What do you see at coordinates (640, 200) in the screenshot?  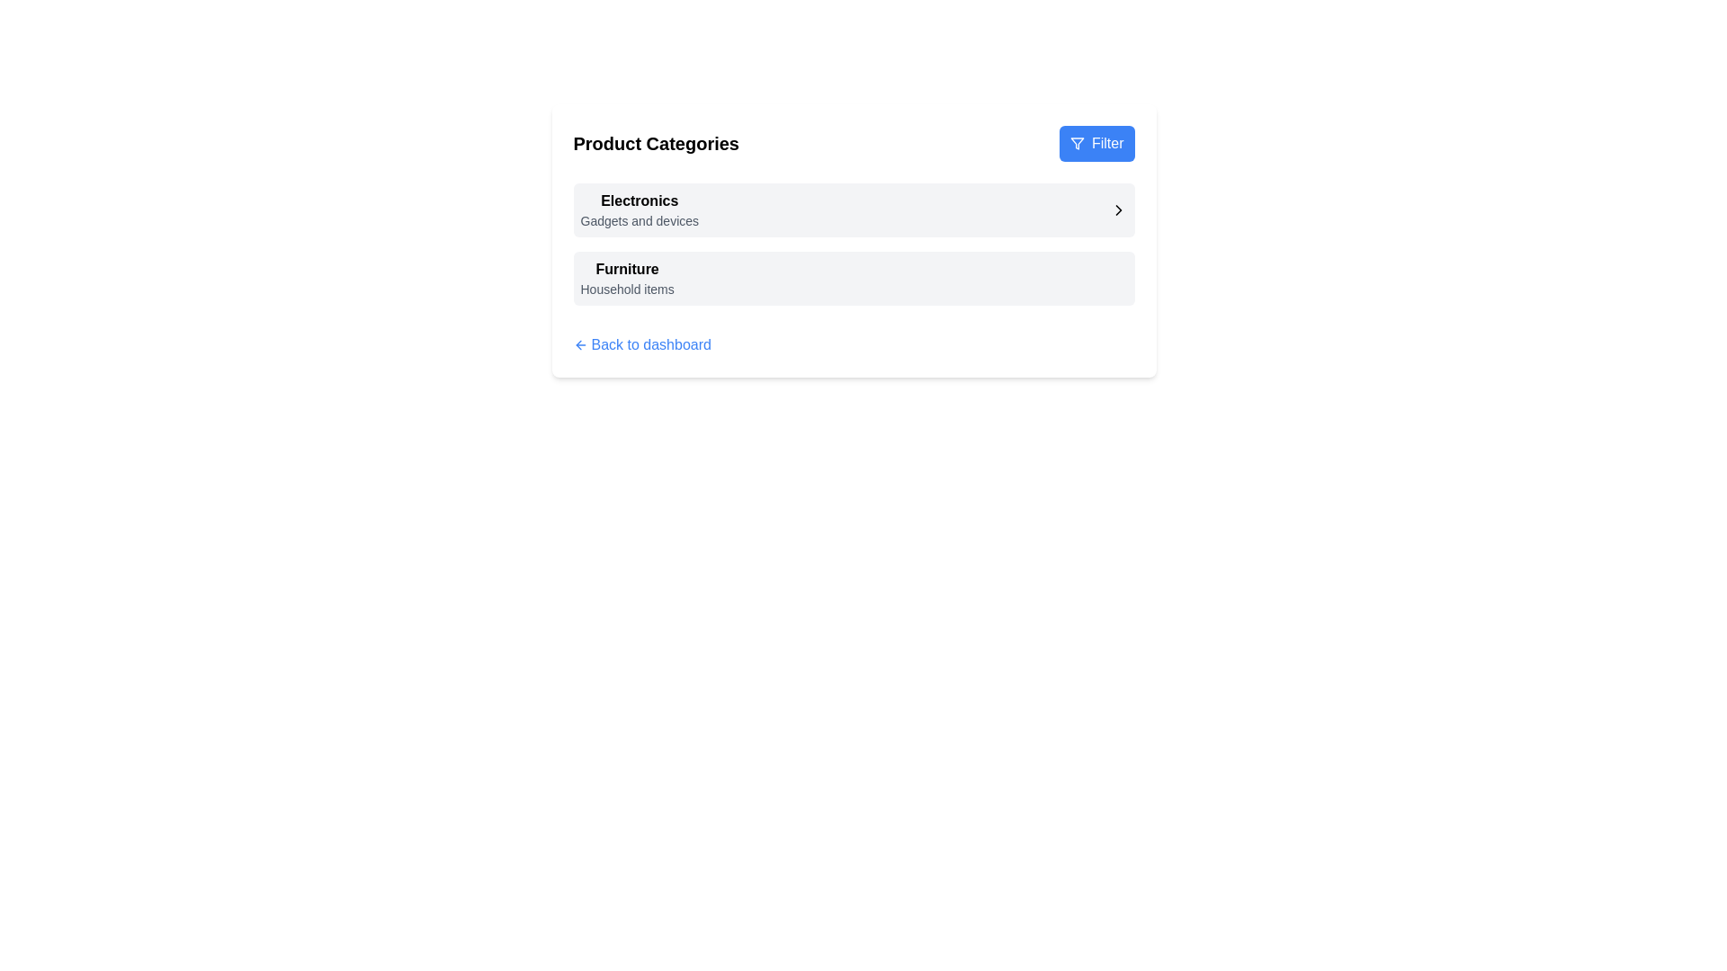 I see `the 'Electronics' category title text label, which serves as a heading for the associated items in the product list` at bounding box center [640, 200].